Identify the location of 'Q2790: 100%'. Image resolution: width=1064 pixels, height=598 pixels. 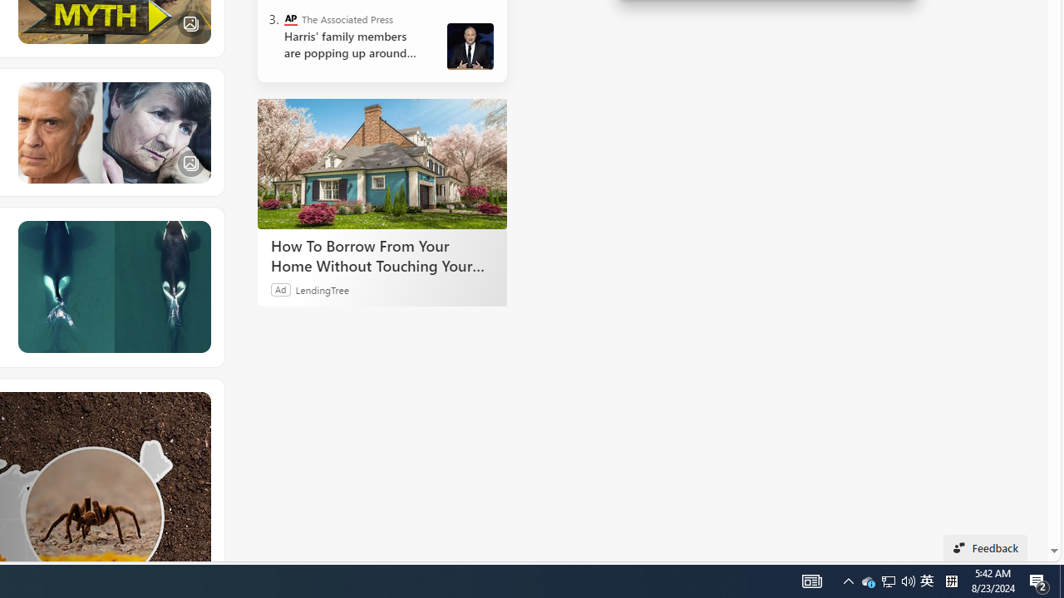
(951, 580).